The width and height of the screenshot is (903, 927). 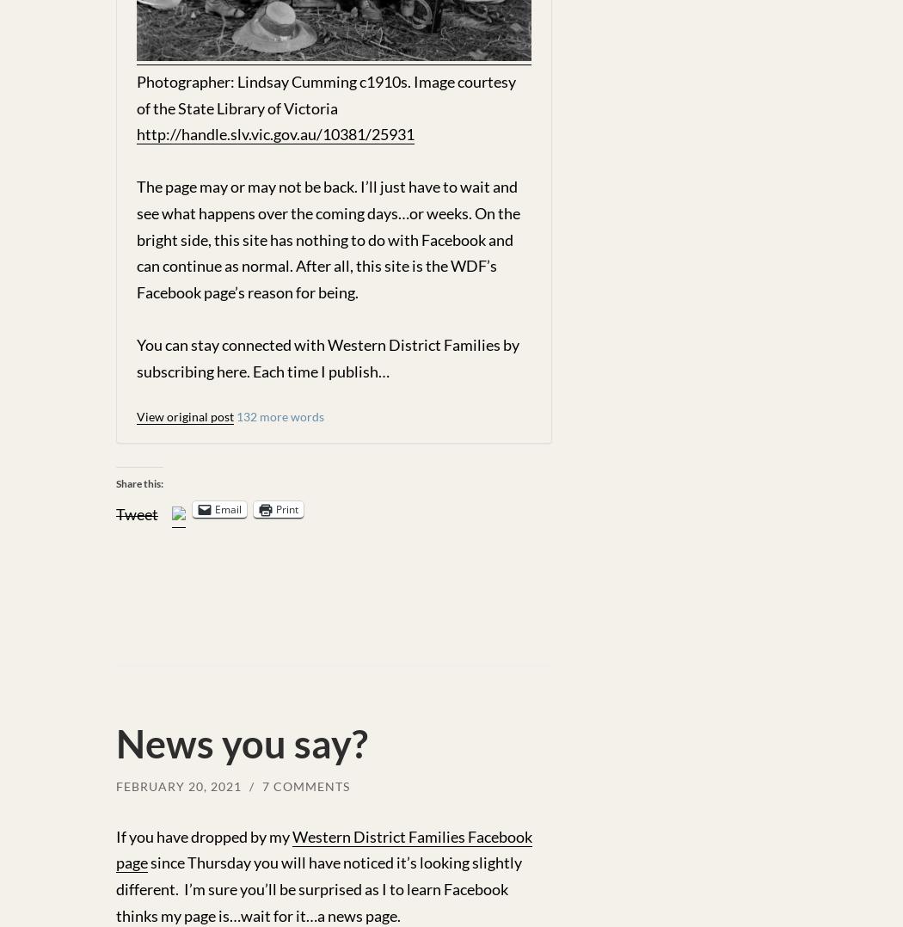 I want to click on '132 more words', so click(x=280, y=414).